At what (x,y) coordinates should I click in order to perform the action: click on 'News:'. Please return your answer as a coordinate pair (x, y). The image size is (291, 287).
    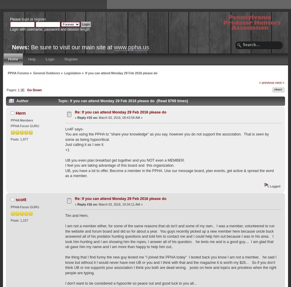
    Looking at the image, I should click on (12, 47).